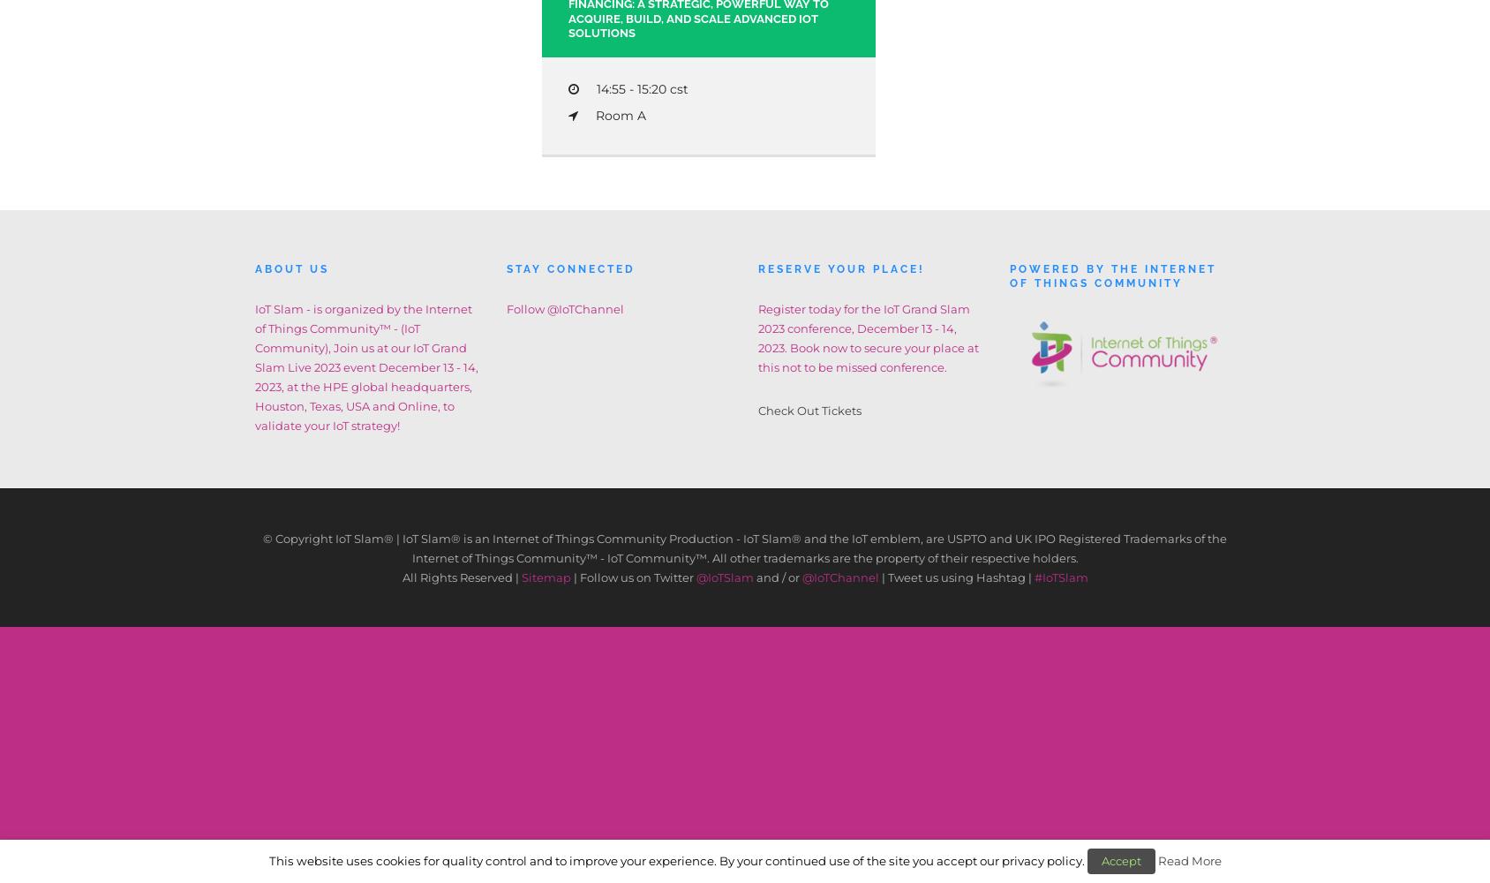  What do you see at coordinates (745, 547) in the screenshot?
I see `'© Copyright IoT Slam® | IoT Slam® is an Internet of Things Community Production - IoT Slam® and the IoT emblem, are USPTO and UK IPO Registered Trademarks of the Internet of Things Community™ - IoT Community™. All other trademarks are the property of their respective holders.'` at bounding box center [745, 547].